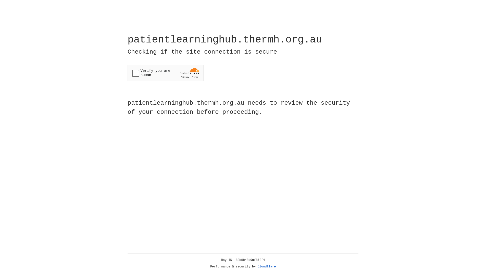 The image size is (486, 273). I want to click on 'Widget containing a Cloudflare security challenge', so click(165, 73).